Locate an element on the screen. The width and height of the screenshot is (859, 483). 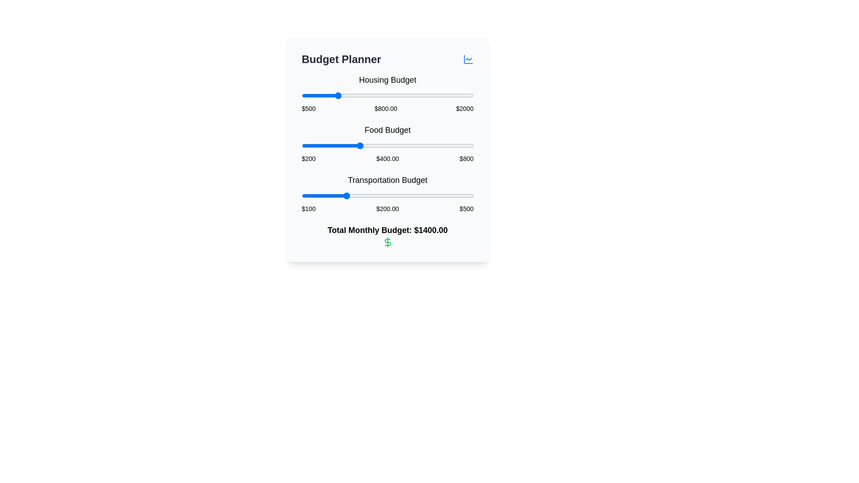
the Food Budget slider is located at coordinates (451, 145).